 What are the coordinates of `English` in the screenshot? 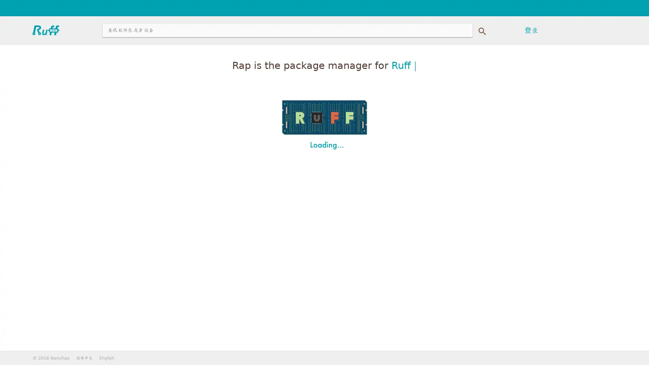 It's located at (106, 358).